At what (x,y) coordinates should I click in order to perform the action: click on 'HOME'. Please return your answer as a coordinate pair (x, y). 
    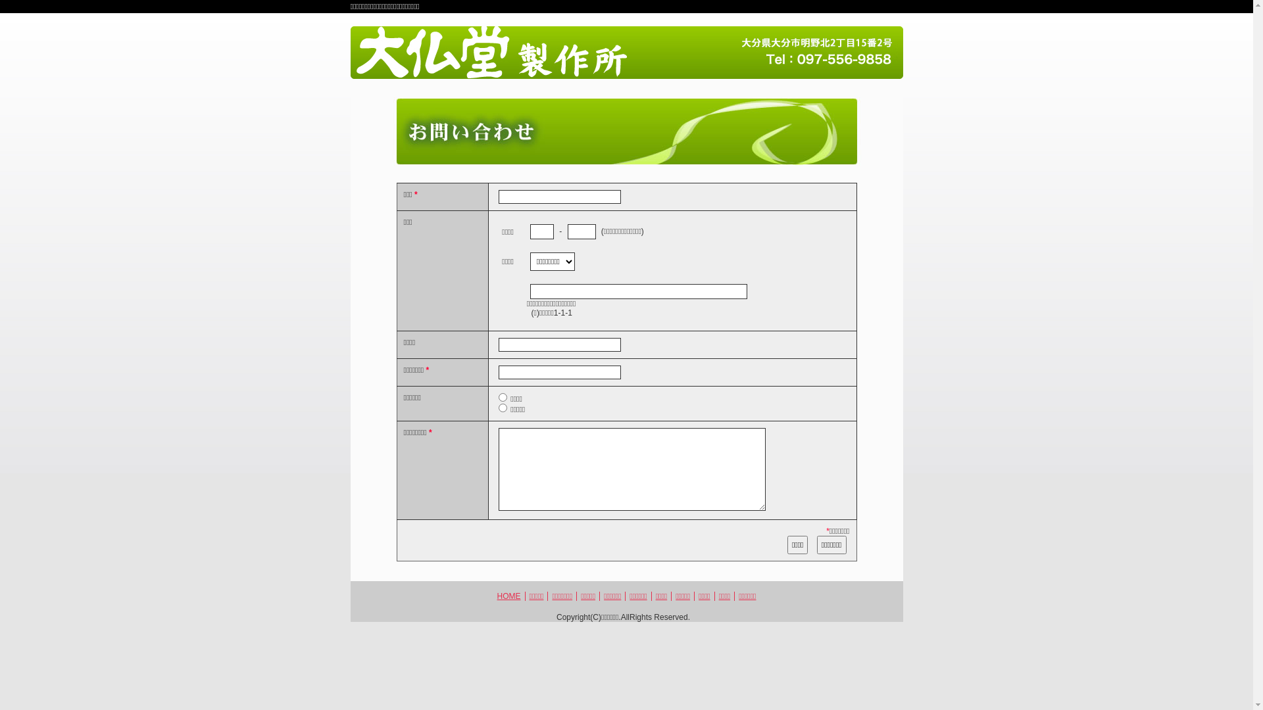
    Looking at the image, I should click on (508, 596).